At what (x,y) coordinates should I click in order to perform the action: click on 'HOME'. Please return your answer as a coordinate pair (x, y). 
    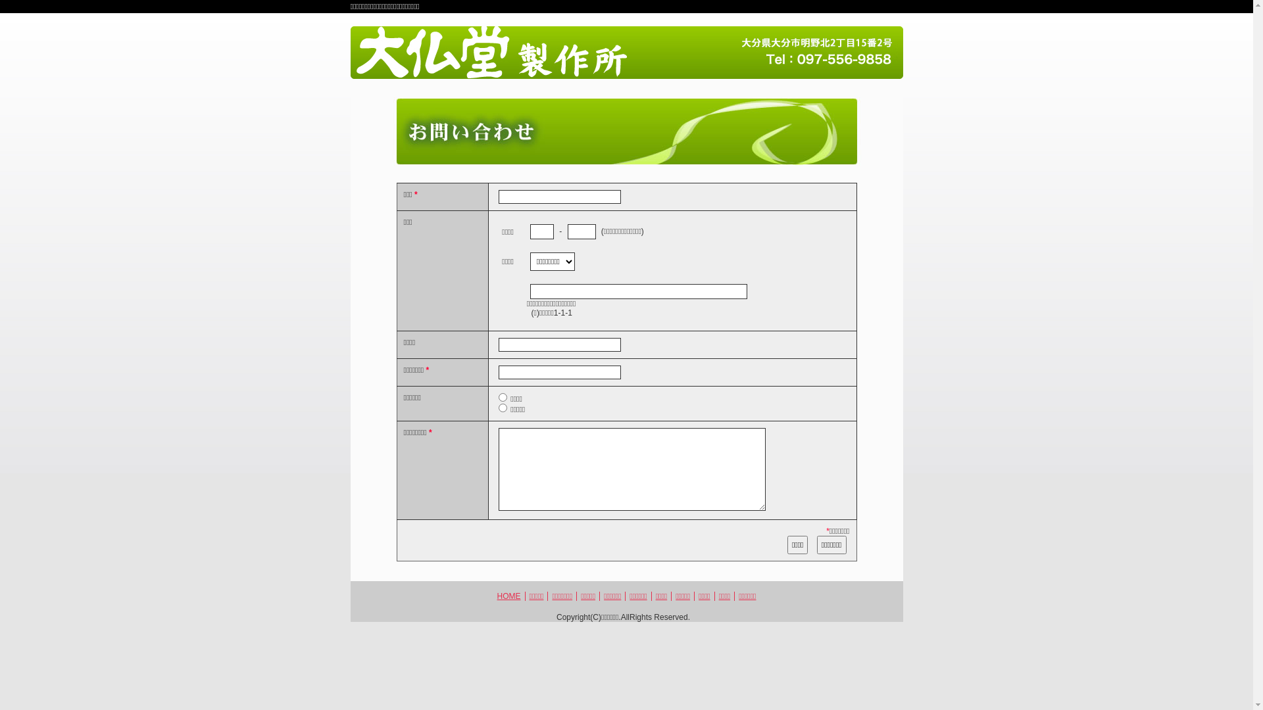
    Looking at the image, I should click on (508, 596).